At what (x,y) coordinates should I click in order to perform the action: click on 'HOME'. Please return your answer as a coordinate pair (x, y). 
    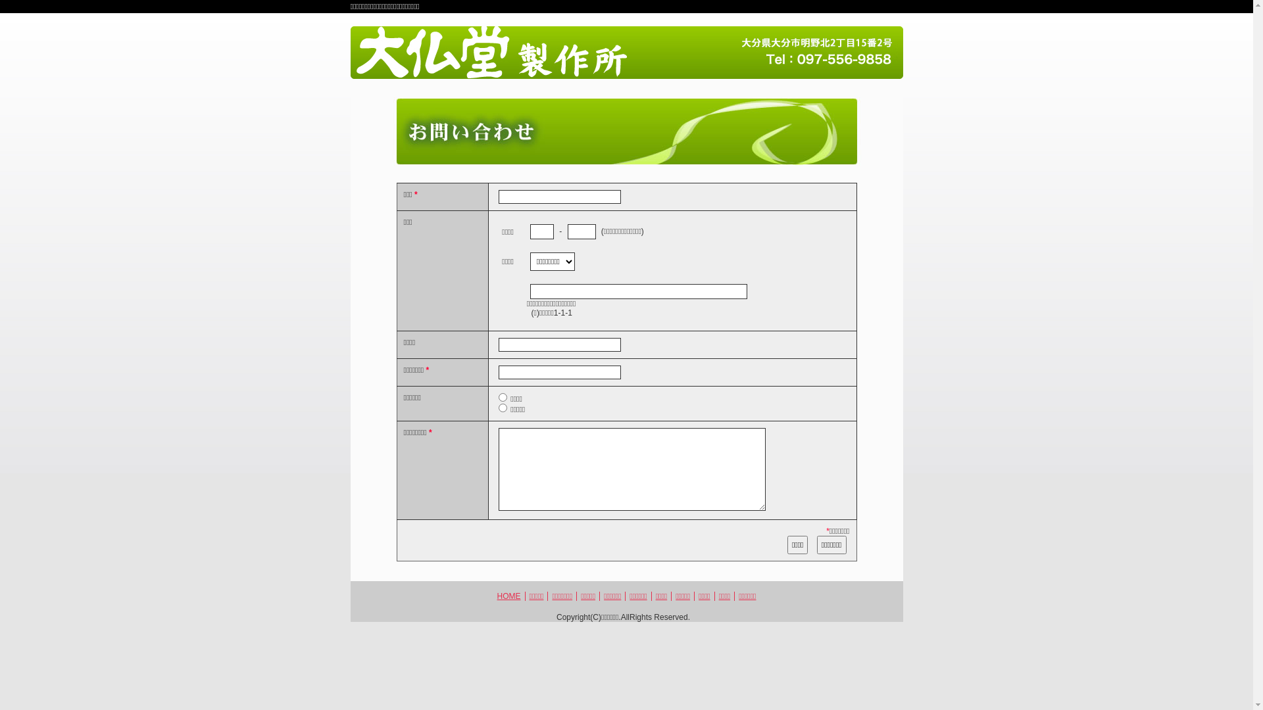
    Looking at the image, I should click on (508, 596).